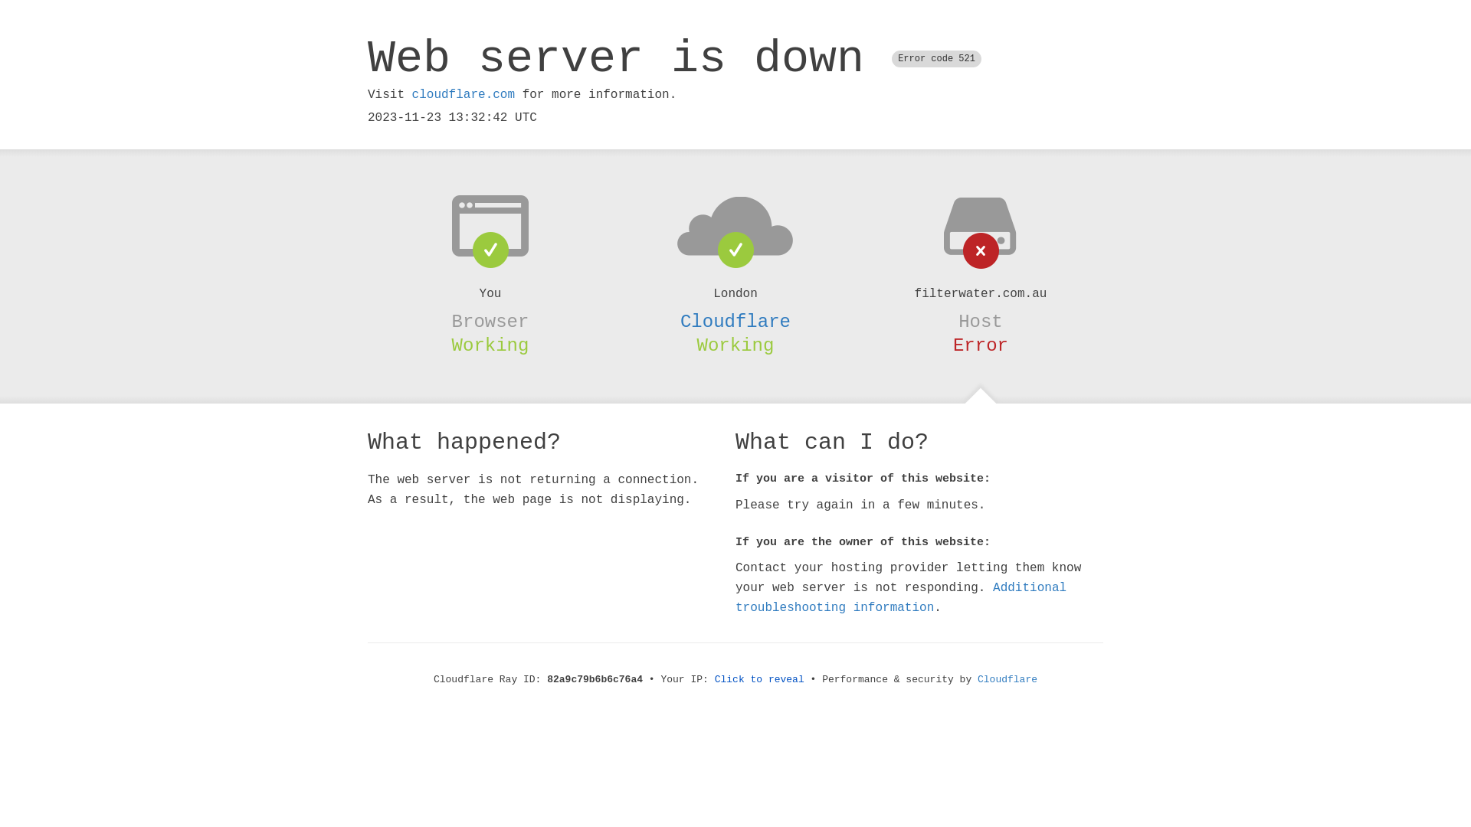 This screenshot has height=827, width=1471. Describe the element at coordinates (411, 94) in the screenshot. I see `'cloudflare.com'` at that location.